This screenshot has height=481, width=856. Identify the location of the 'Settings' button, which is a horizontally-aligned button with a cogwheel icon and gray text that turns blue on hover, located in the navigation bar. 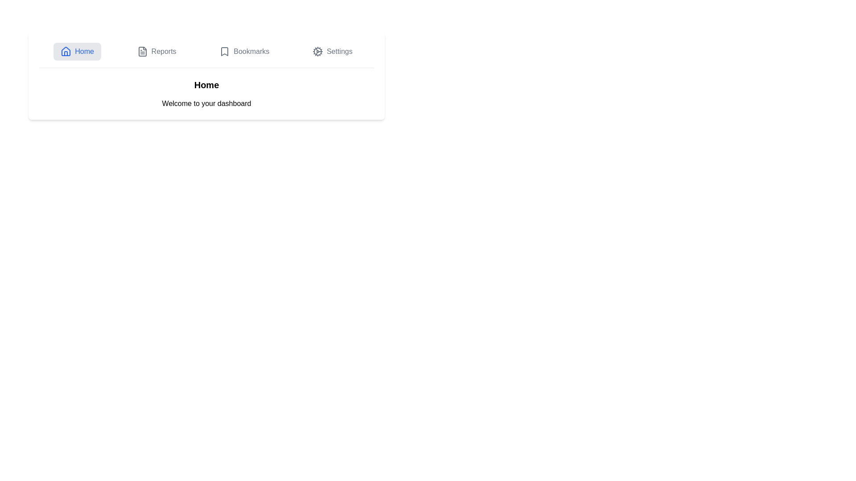
(332, 51).